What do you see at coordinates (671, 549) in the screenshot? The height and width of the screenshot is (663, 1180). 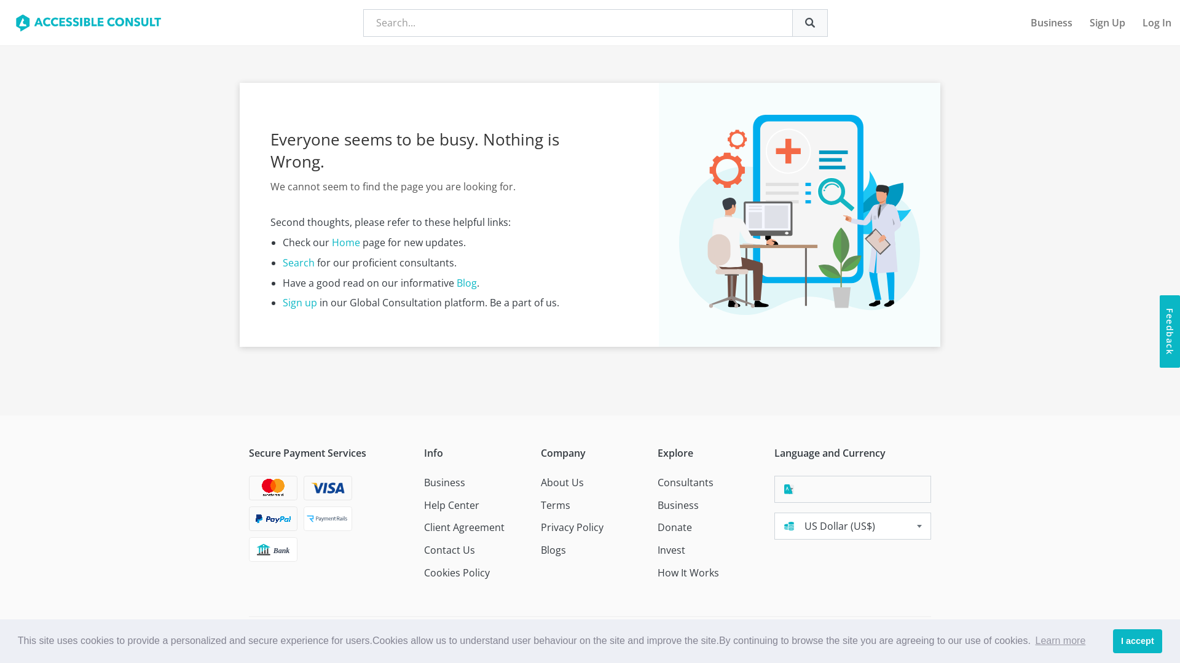 I see `'Invest'` at bounding box center [671, 549].